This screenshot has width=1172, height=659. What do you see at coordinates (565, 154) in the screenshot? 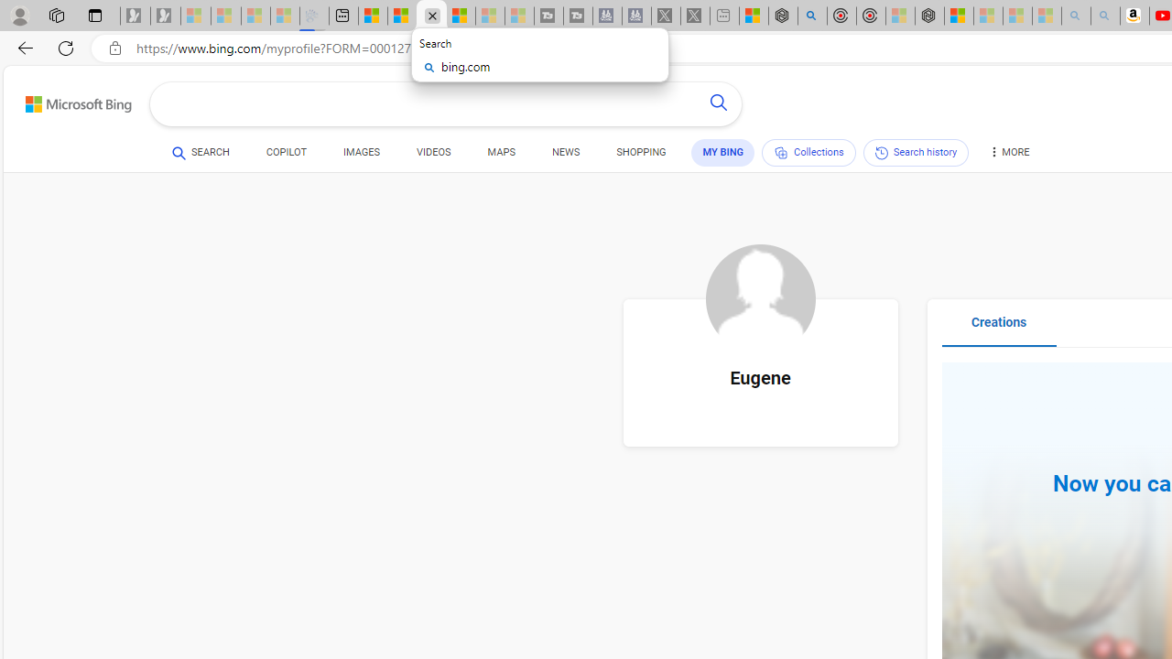
I see `'NEWS'` at bounding box center [565, 154].